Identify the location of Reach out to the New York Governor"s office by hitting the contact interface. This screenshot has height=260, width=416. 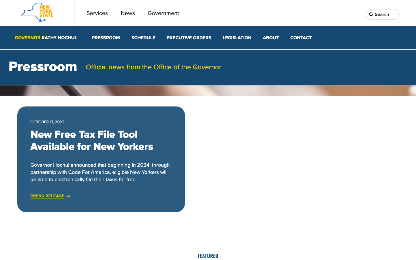
(301, 38).